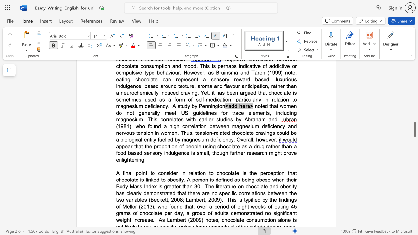 The image size is (418, 235). What do you see at coordinates (414, 78) in the screenshot?
I see `the scrollbar on the right to shift the page higher` at bounding box center [414, 78].